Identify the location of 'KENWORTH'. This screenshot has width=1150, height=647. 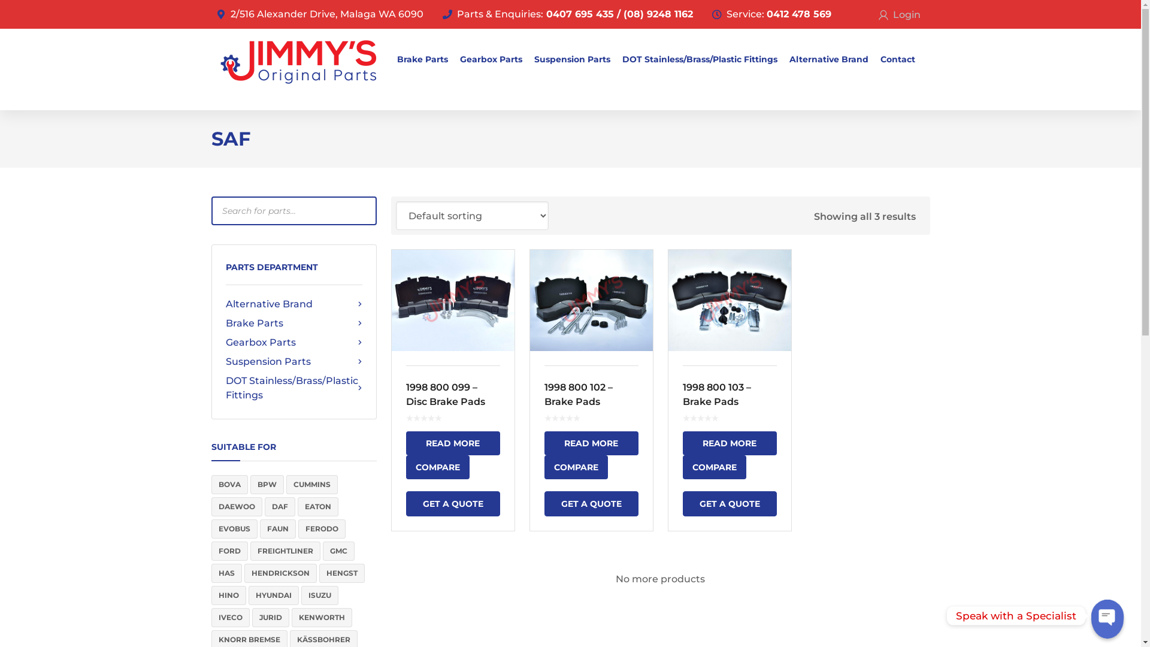
(321, 617).